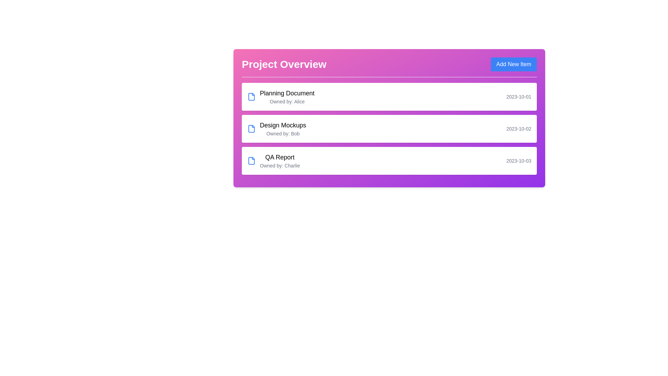  Describe the element at coordinates (251, 129) in the screenshot. I see `the simplified blue document icon with a folded corner, located in the second row of the list, to the left of the text 'Design Mockups Owned by: Bob'` at that location.